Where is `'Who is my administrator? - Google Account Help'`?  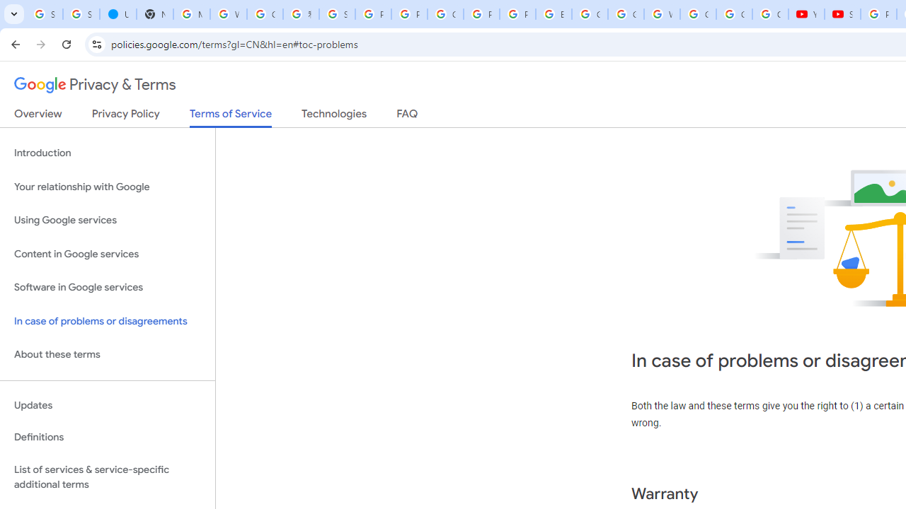
'Who is my administrator? - Google Account Help' is located at coordinates (229, 14).